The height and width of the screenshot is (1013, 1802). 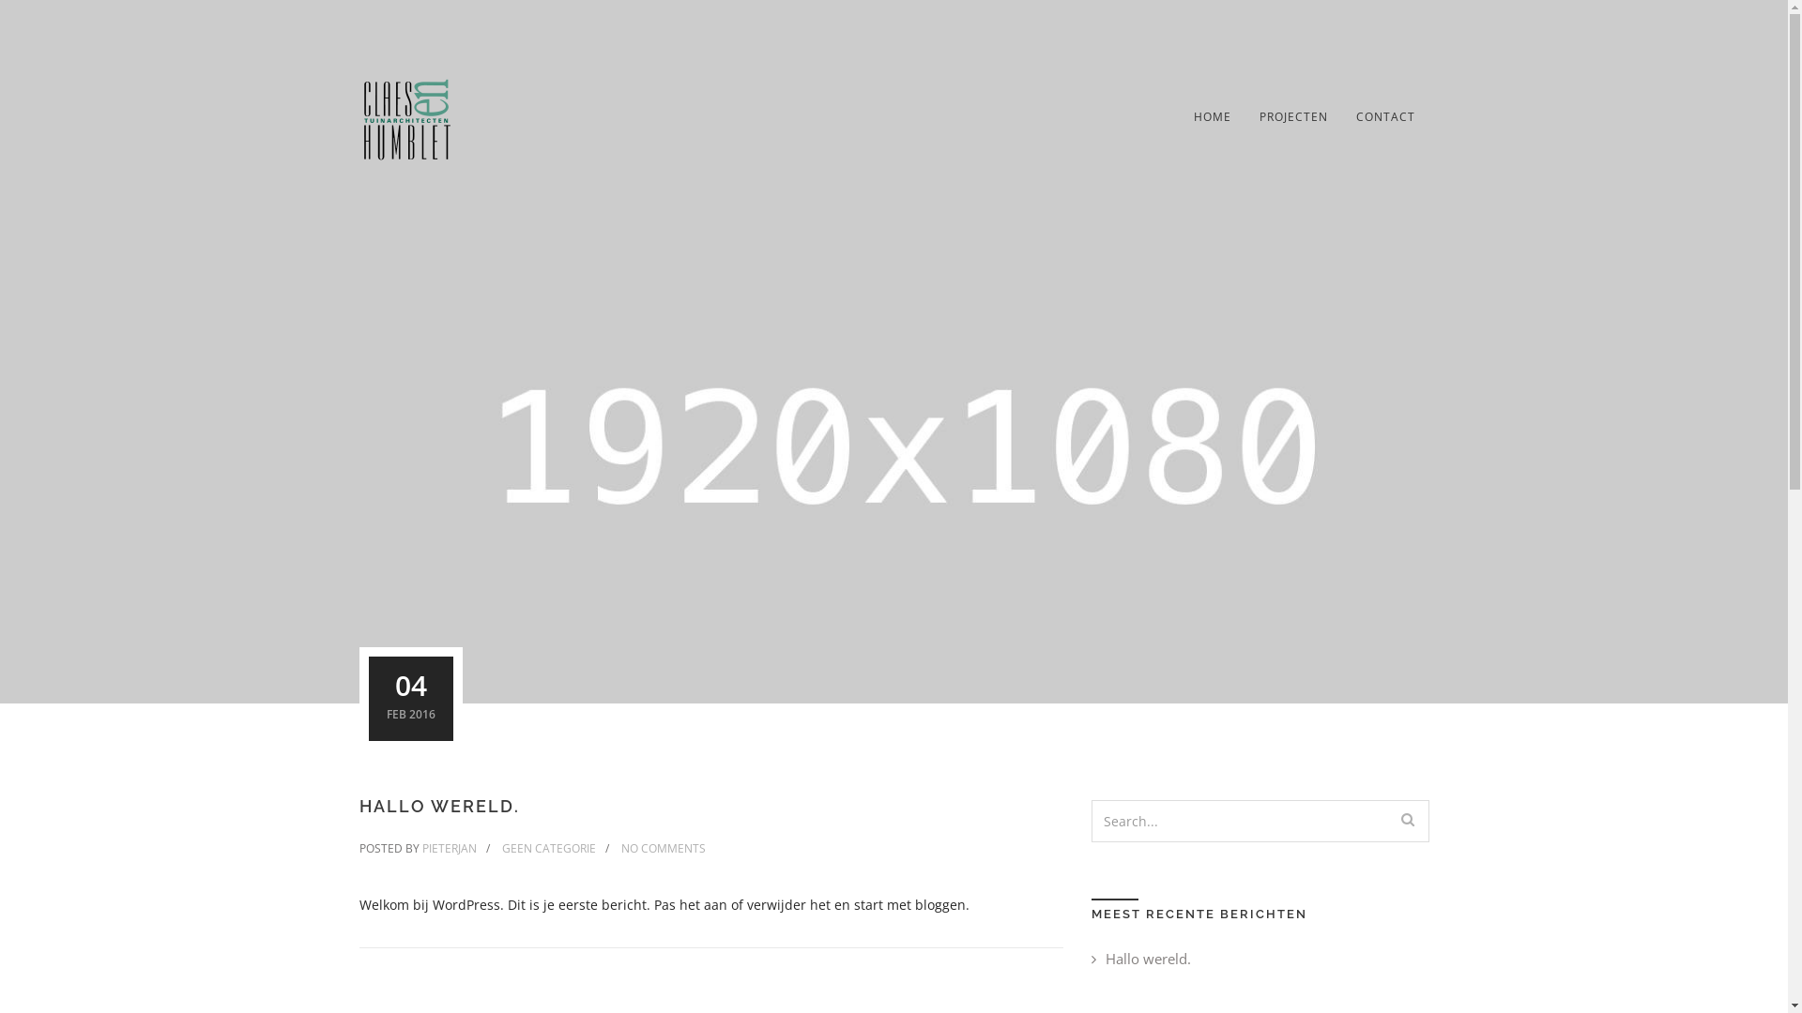 I want to click on 'NO COMMENTS', so click(x=663, y=848).